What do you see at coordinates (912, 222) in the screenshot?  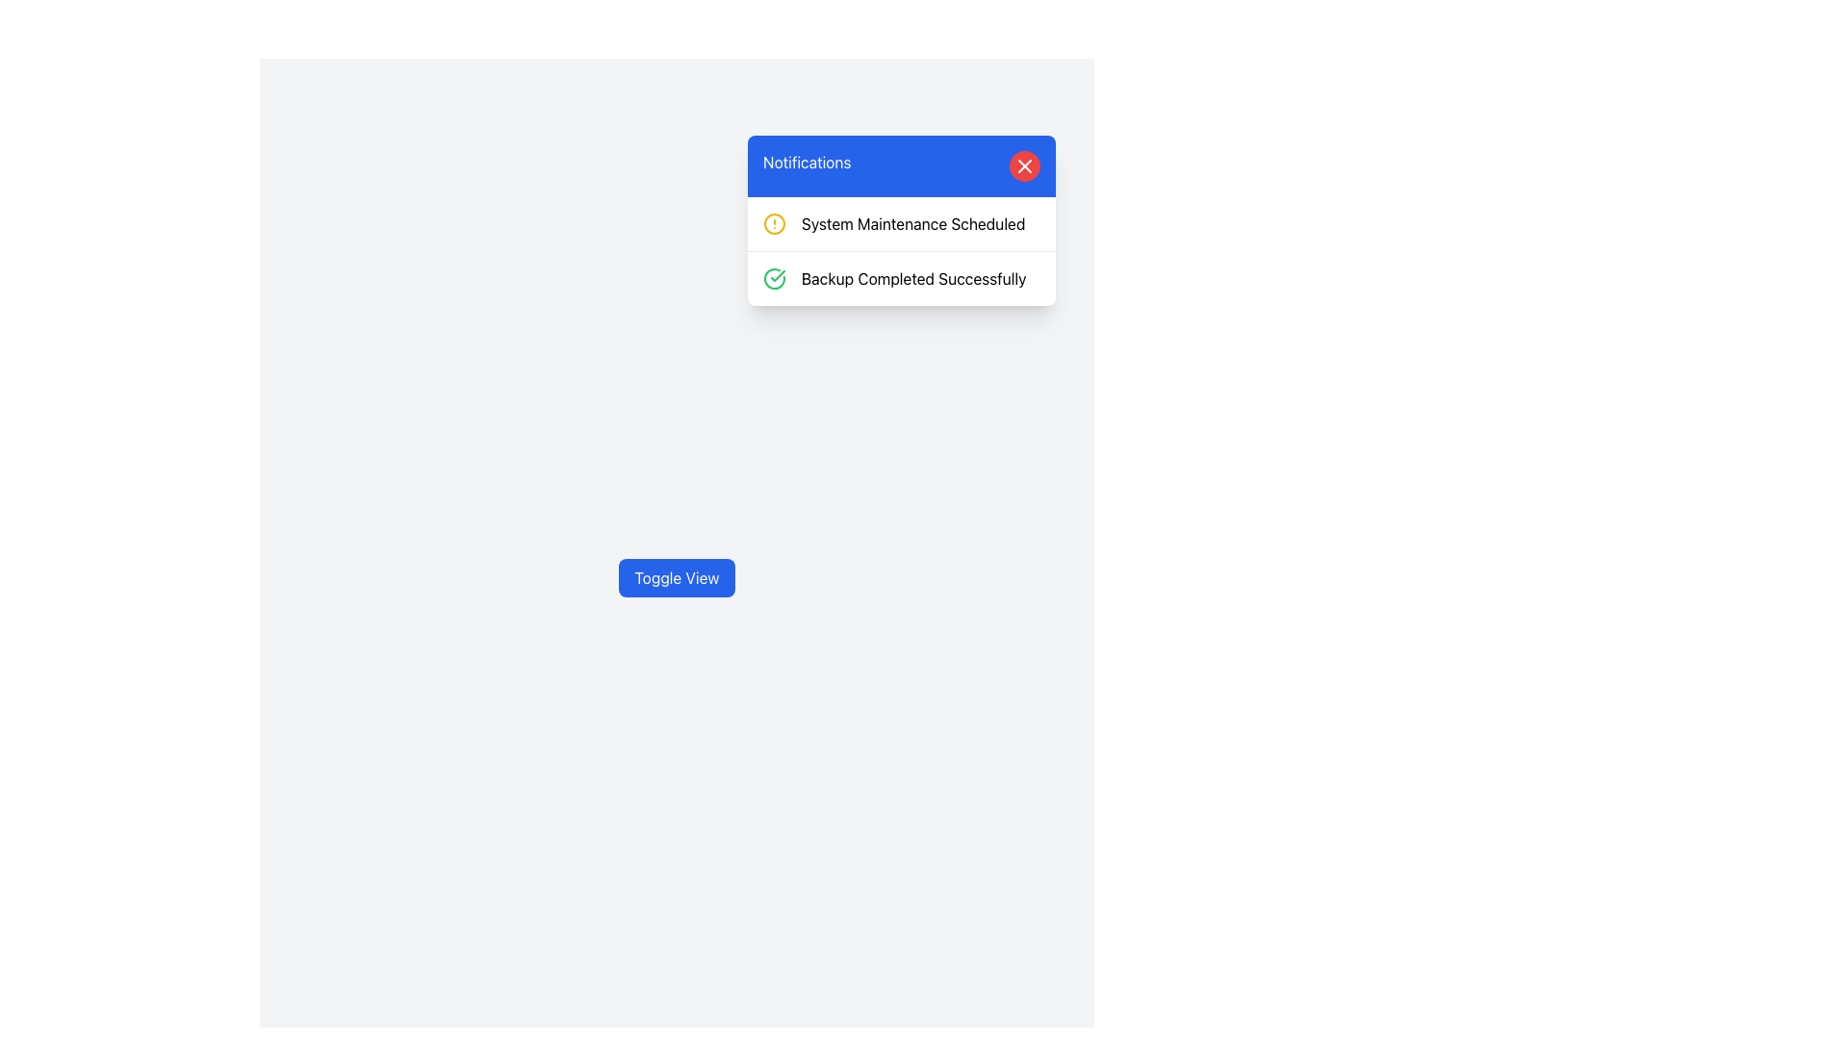 I see `notification text label that indicates 'System Maintenance Scheduled', located in the first row of notifications to the right of a yellow alert icon` at bounding box center [912, 222].